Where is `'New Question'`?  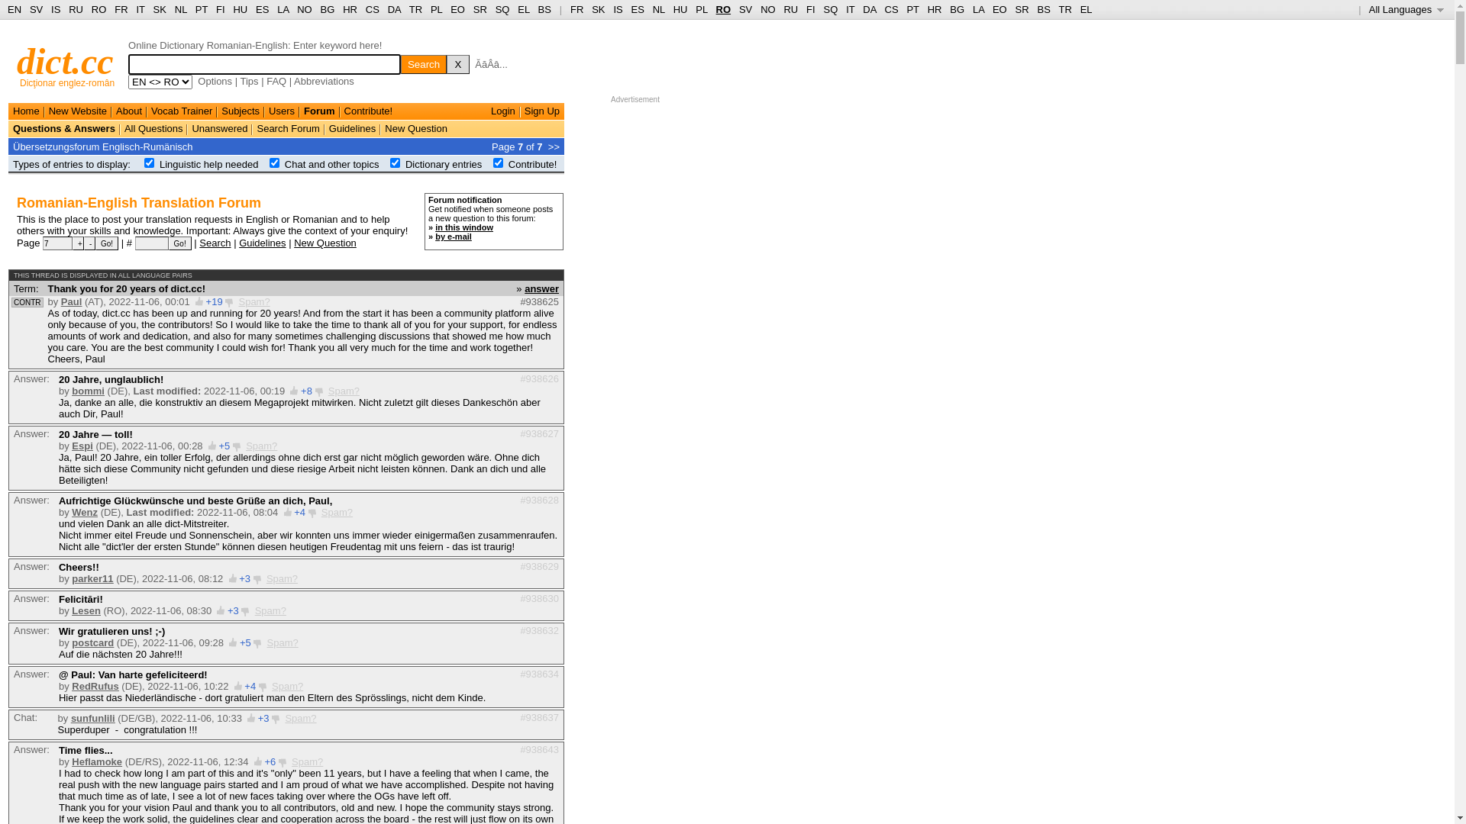
'New Question' is located at coordinates (416, 127).